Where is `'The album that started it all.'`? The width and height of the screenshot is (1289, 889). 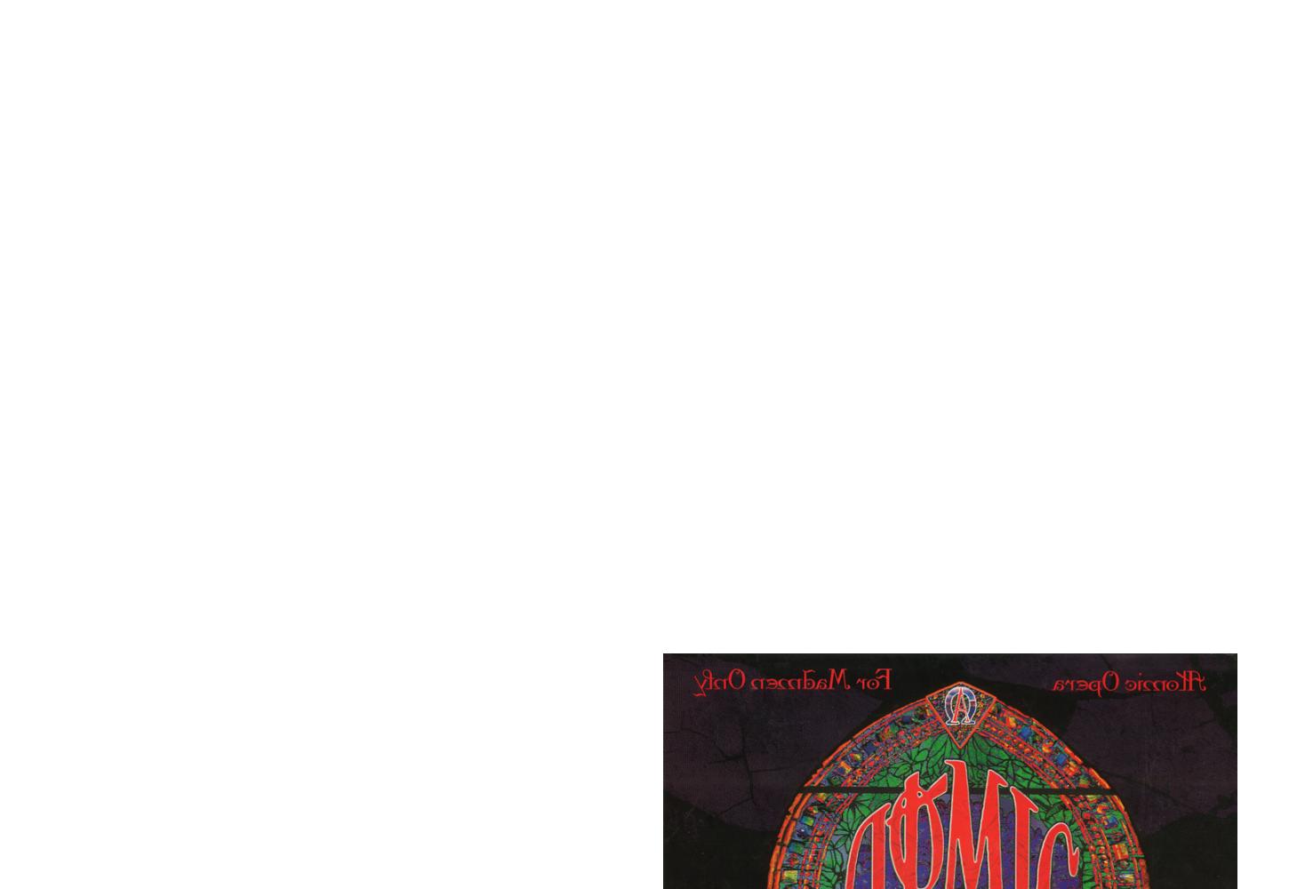 'The album that started it all.' is located at coordinates (189, 625).